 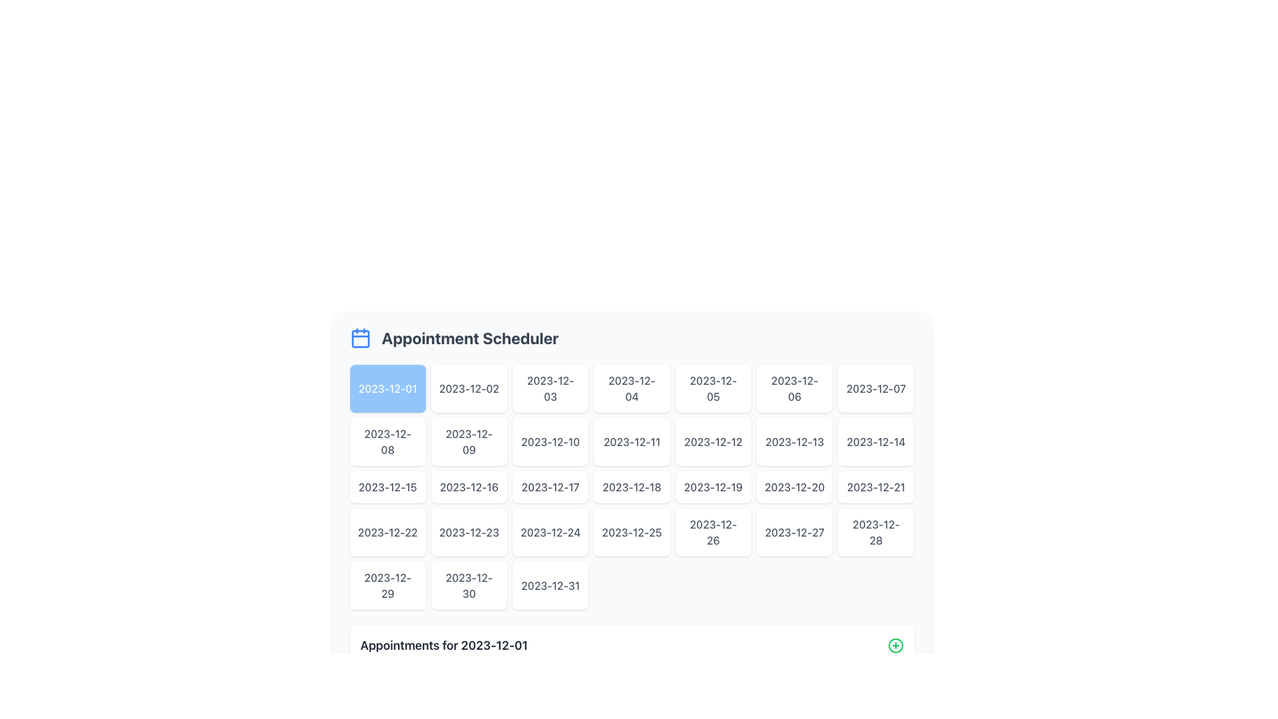 I want to click on the rectangular button with the text '2023-12-09', so click(x=469, y=441).